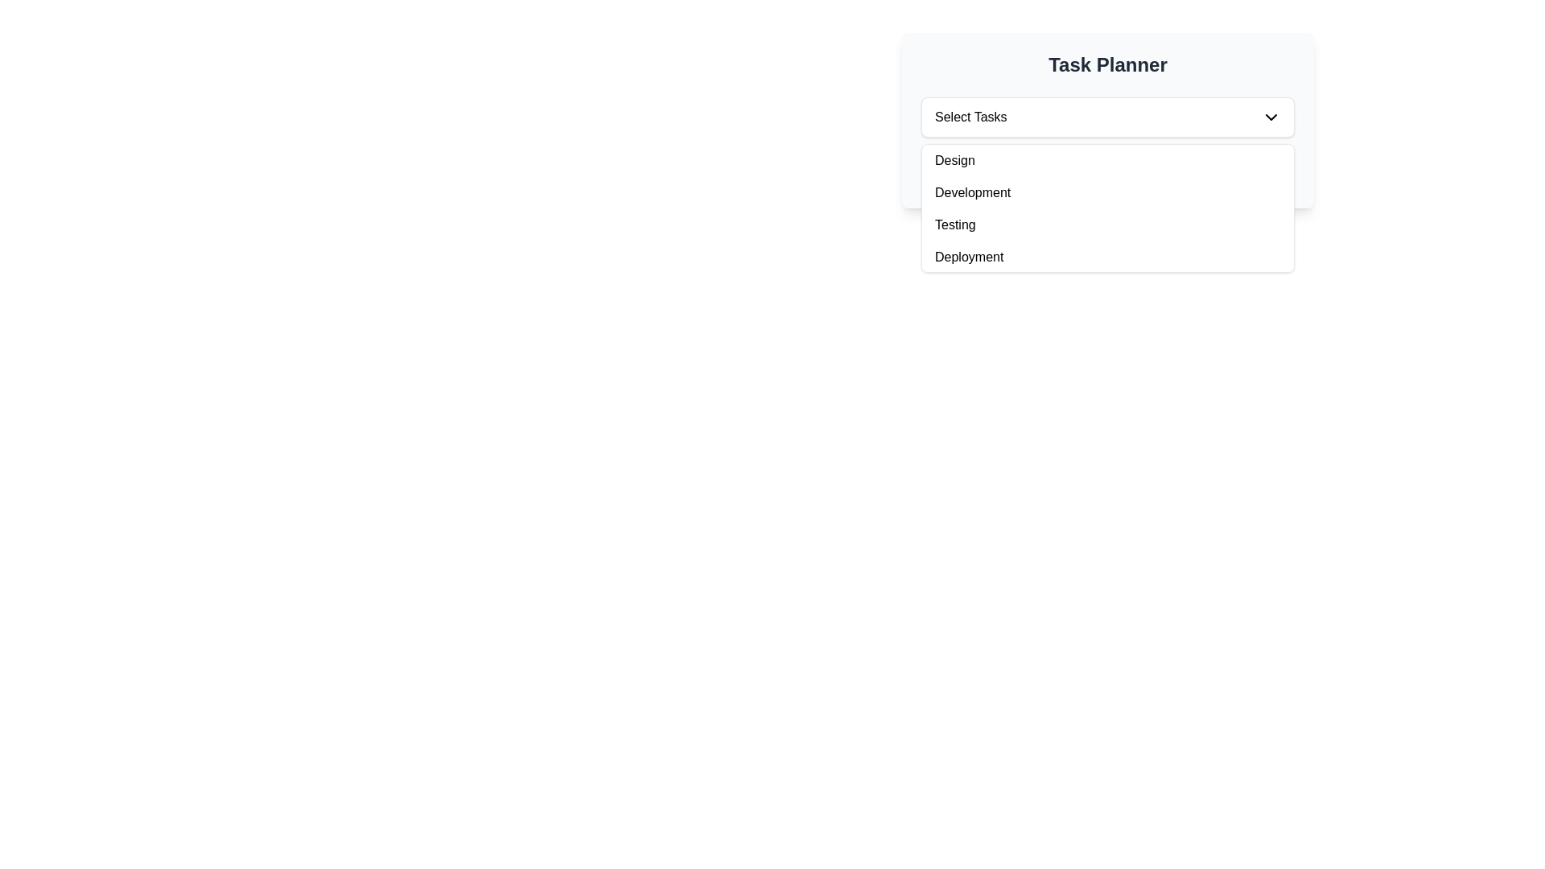  Describe the element at coordinates (970, 117) in the screenshot. I see `the 'Select Tasks' text label which is prominently displayed at the top of the dropdown selection field` at that location.